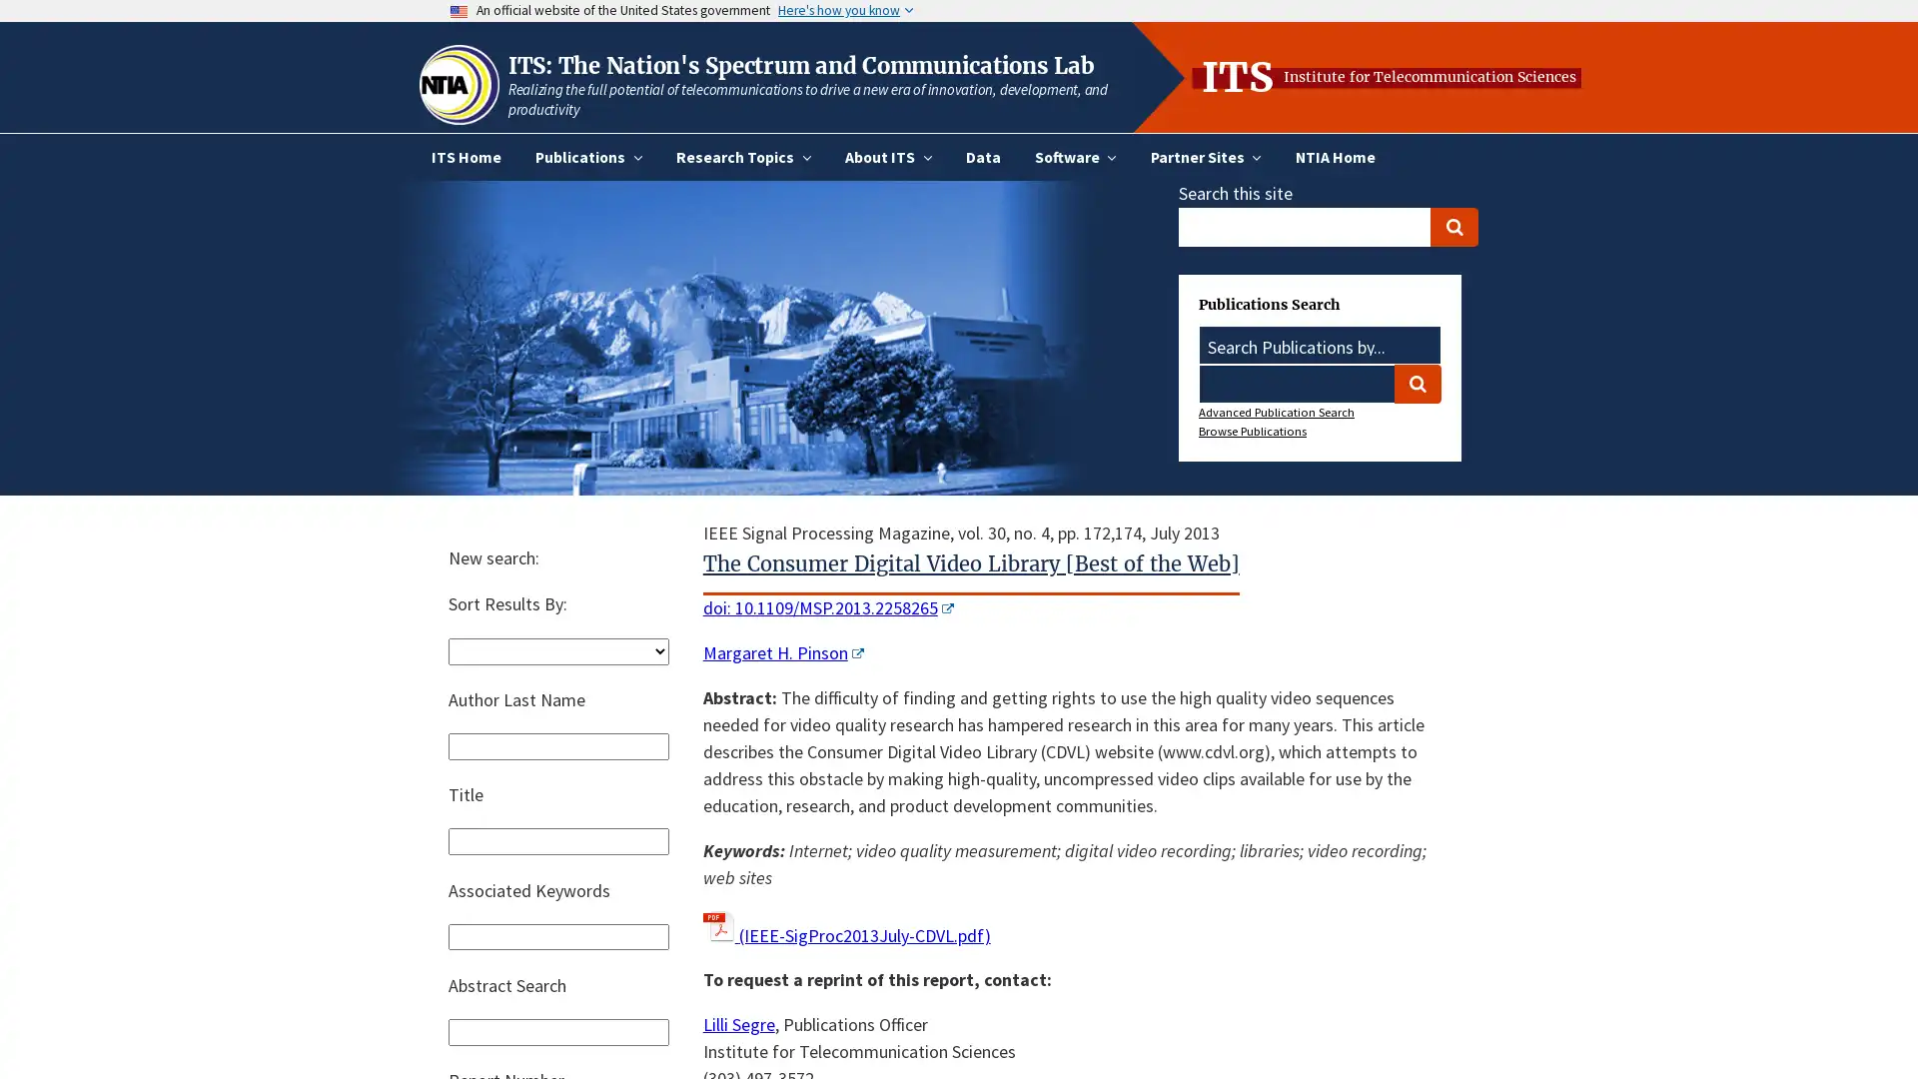 The image size is (1918, 1079). Describe the element at coordinates (742, 156) in the screenshot. I see `Research Topics` at that location.